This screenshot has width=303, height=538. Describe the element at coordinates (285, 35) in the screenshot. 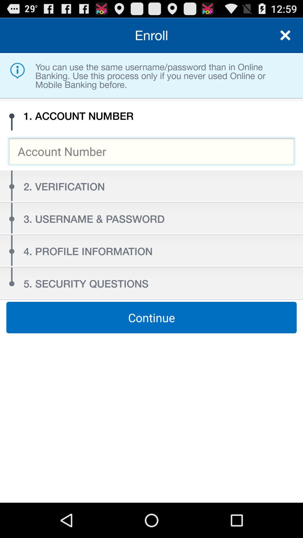

I see `icon to the right of the enroll item` at that location.